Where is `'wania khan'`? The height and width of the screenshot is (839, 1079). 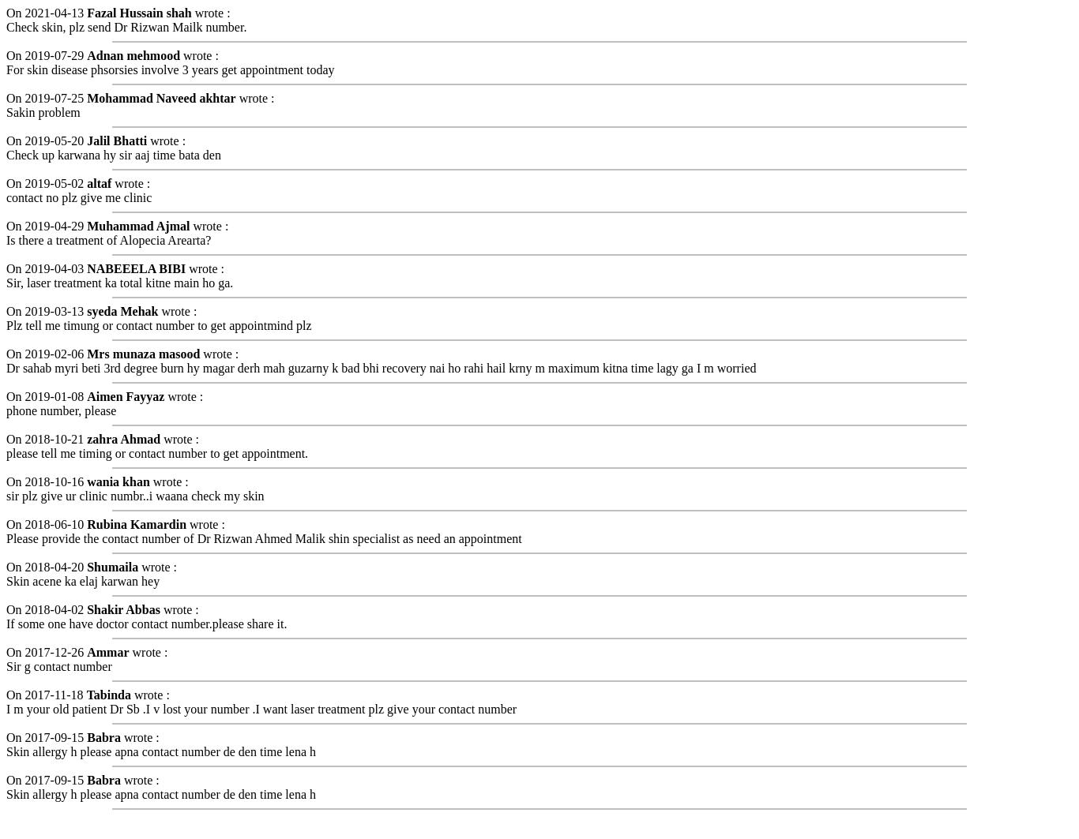
'wania khan' is located at coordinates (117, 480).